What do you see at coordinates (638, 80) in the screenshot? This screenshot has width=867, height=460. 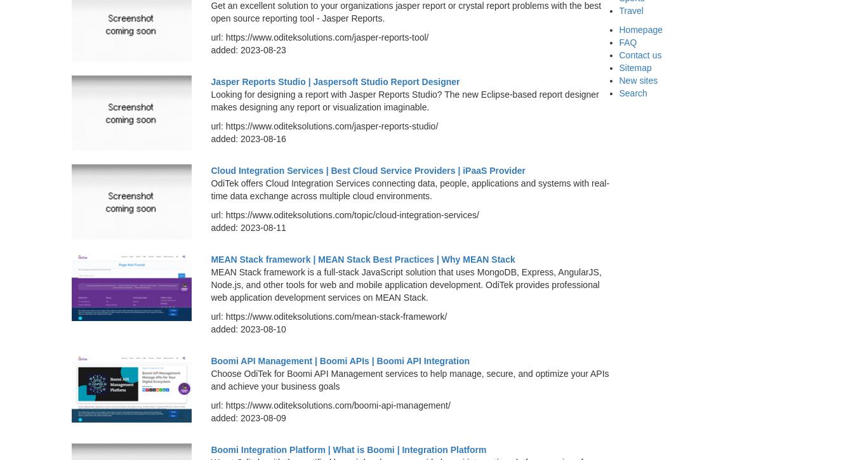 I see `'New sites'` at bounding box center [638, 80].